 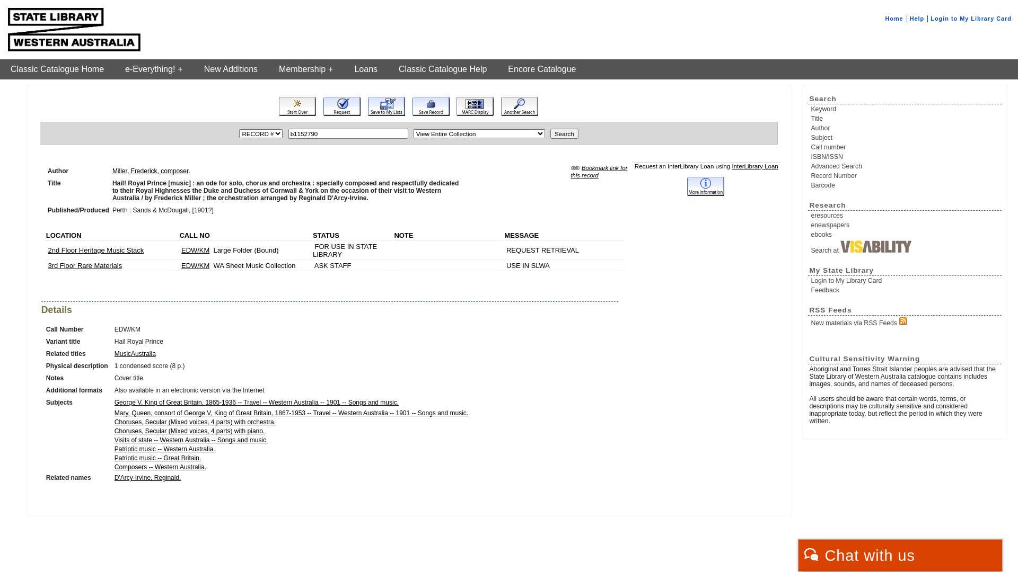 What do you see at coordinates (195, 250) in the screenshot?
I see `'EDW/KM'` at bounding box center [195, 250].